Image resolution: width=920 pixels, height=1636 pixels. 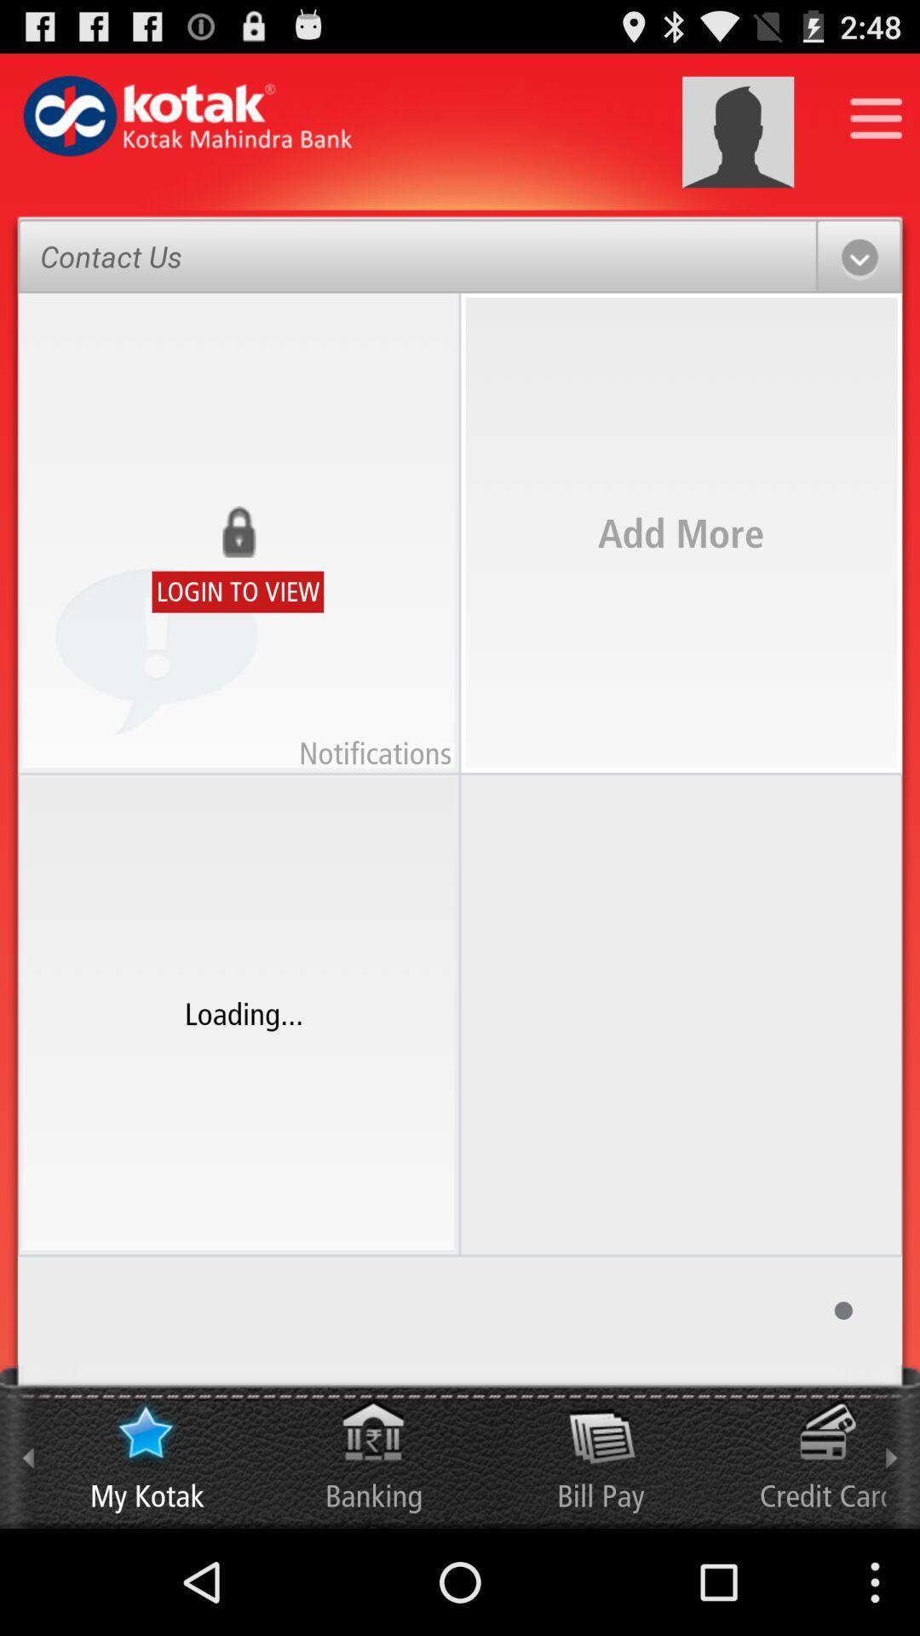 What do you see at coordinates (876, 125) in the screenshot?
I see `the menu icon` at bounding box center [876, 125].